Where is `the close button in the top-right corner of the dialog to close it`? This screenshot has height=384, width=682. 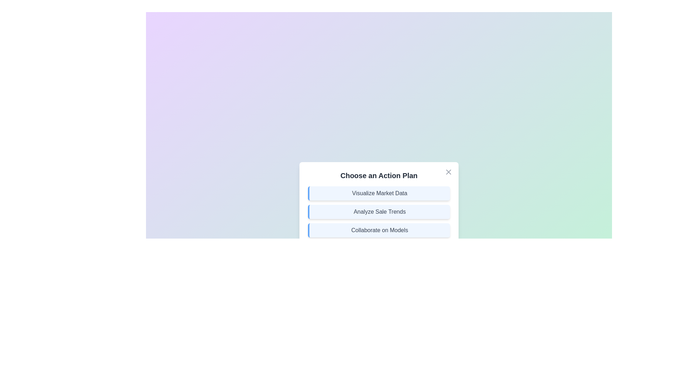
the close button in the top-right corner of the dialog to close it is located at coordinates (448, 172).